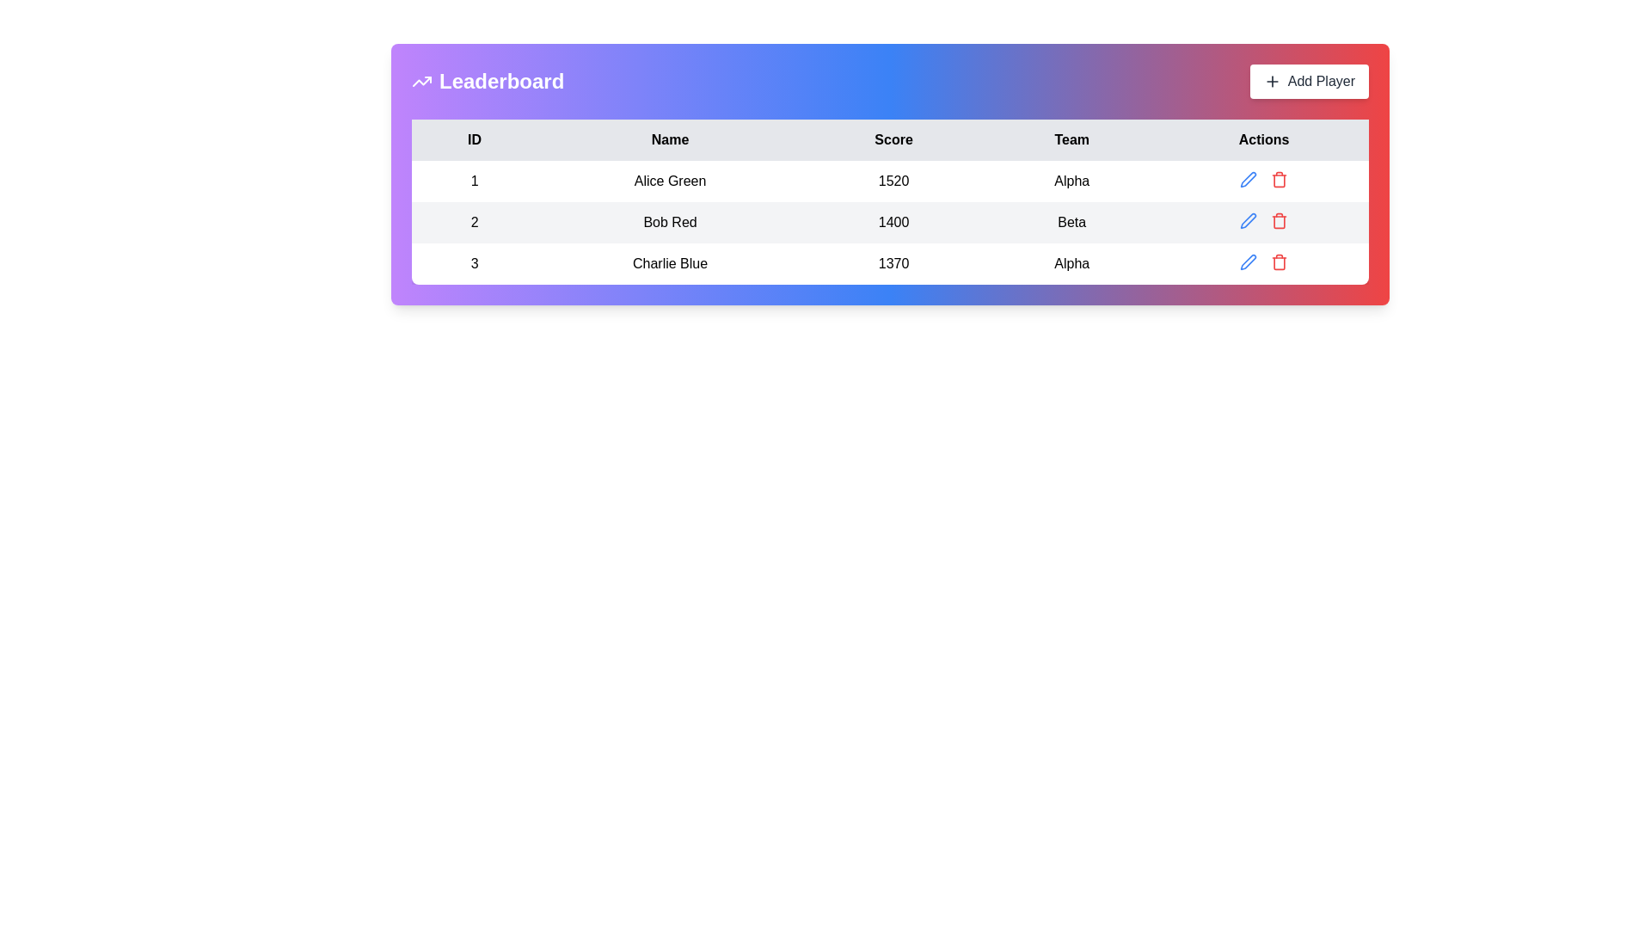 This screenshot has height=929, width=1651. Describe the element at coordinates (893, 138) in the screenshot. I see `the header labeled 'Score' which is styled with a light gray background and black text, positioned within a table header row` at that location.